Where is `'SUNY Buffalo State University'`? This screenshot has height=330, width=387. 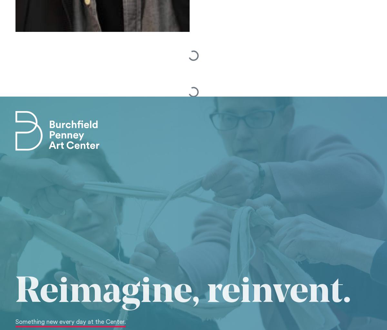 'SUNY Buffalo State University' is located at coordinates (48, 106).